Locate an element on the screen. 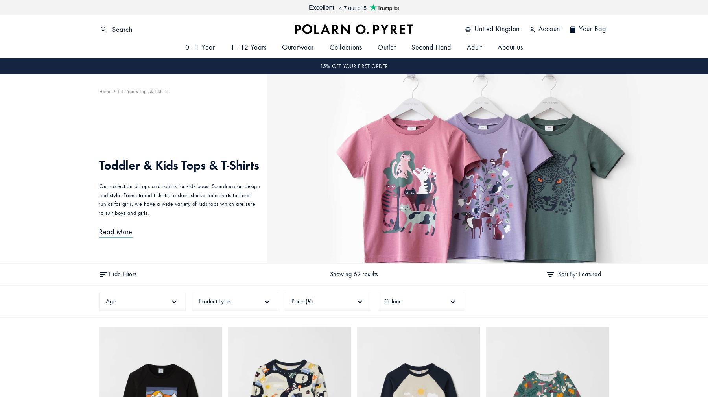  'Adult' is located at coordinates (474, 47).